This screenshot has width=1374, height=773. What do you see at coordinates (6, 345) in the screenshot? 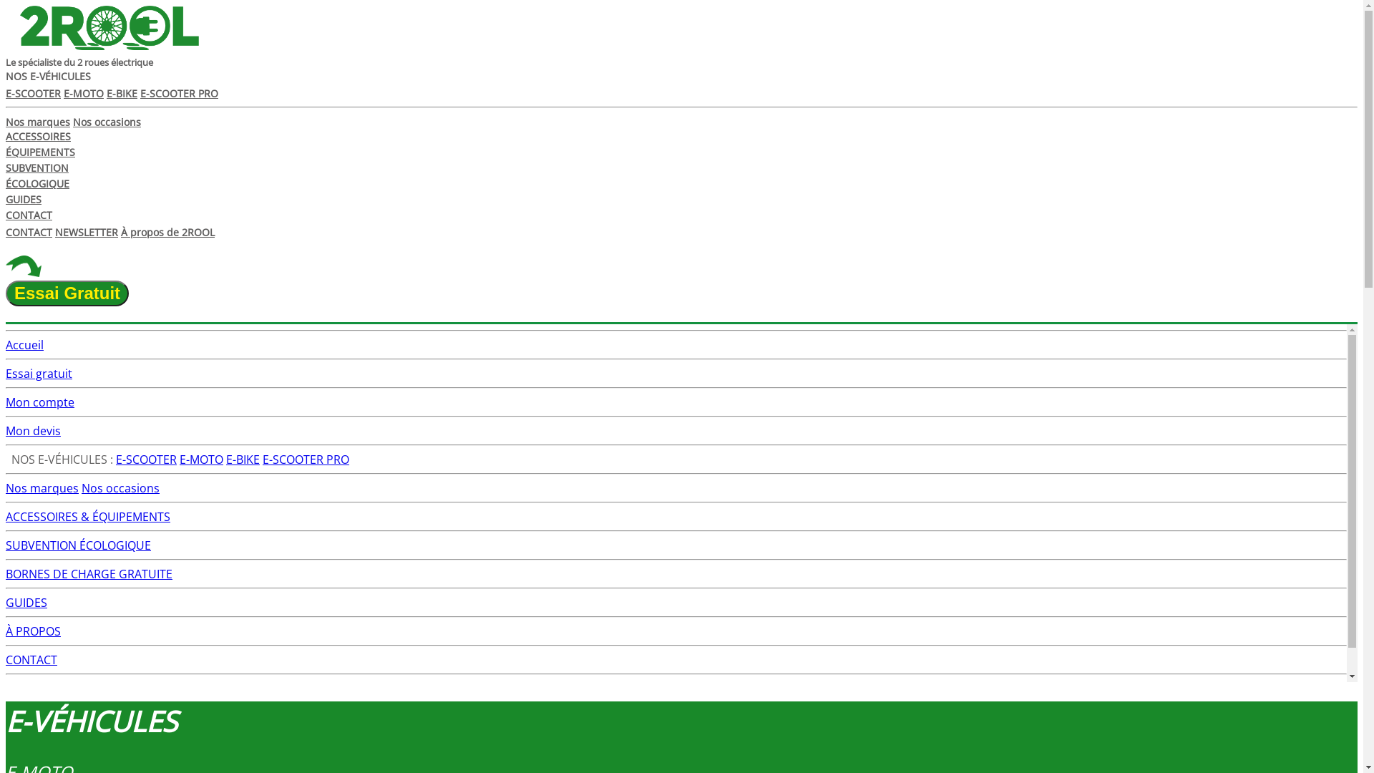
I see `'Accueil'` at bounding box center [6, 345].